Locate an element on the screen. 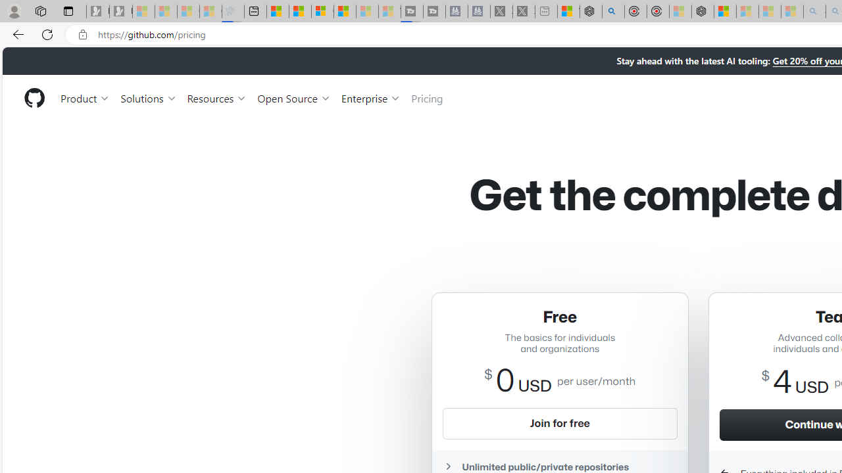 The image size is (842, 473). 'Pricing' is located at coordinates (427, 97).